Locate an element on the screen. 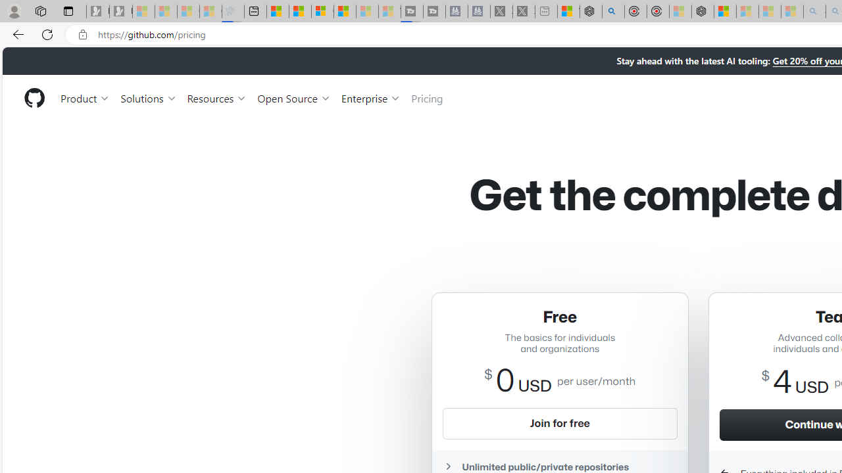 The image size is (842, 473). 'Pricing' is located at coordinates (427, 97).